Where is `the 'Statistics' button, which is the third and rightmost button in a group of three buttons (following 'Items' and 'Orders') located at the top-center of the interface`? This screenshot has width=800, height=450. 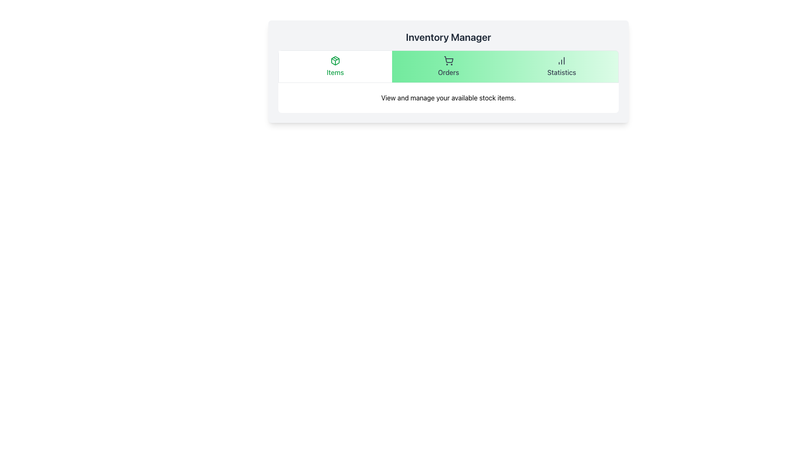
the 'Statistics' button, which is the third and rightmost button in a group of three buttons (following 'Items' and 'Orders') located at the top-center of the interface is located at coordinates (562, 66).